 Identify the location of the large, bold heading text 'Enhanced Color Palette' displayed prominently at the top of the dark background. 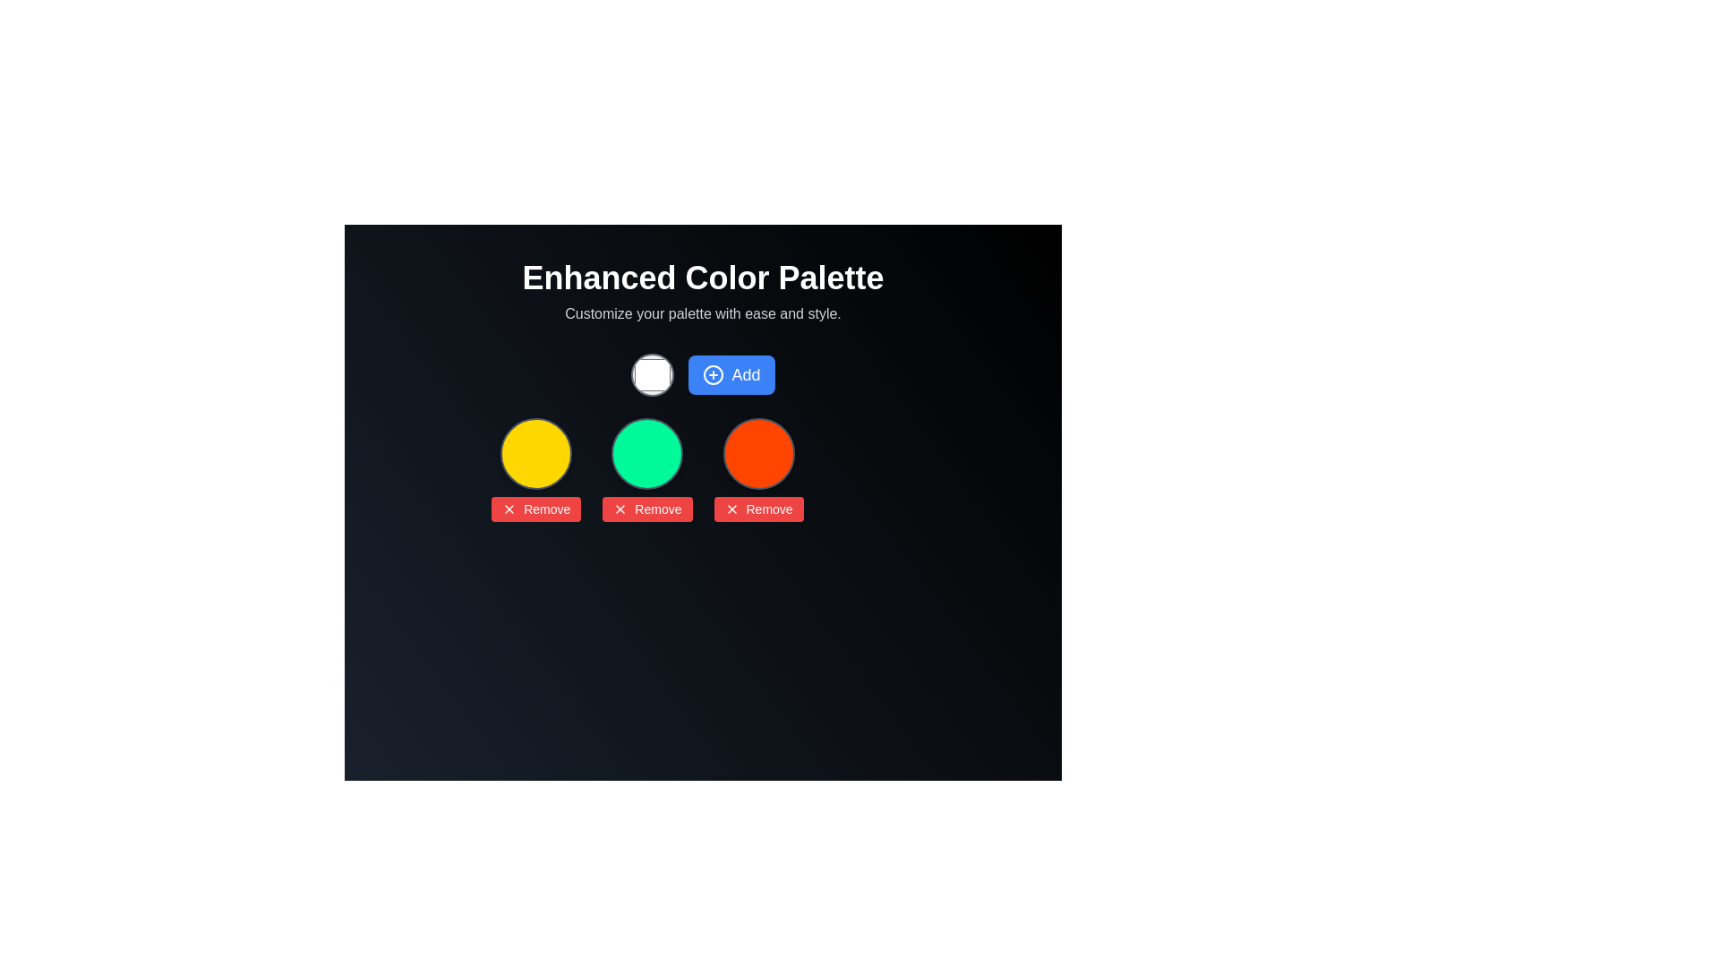
(702, 278).